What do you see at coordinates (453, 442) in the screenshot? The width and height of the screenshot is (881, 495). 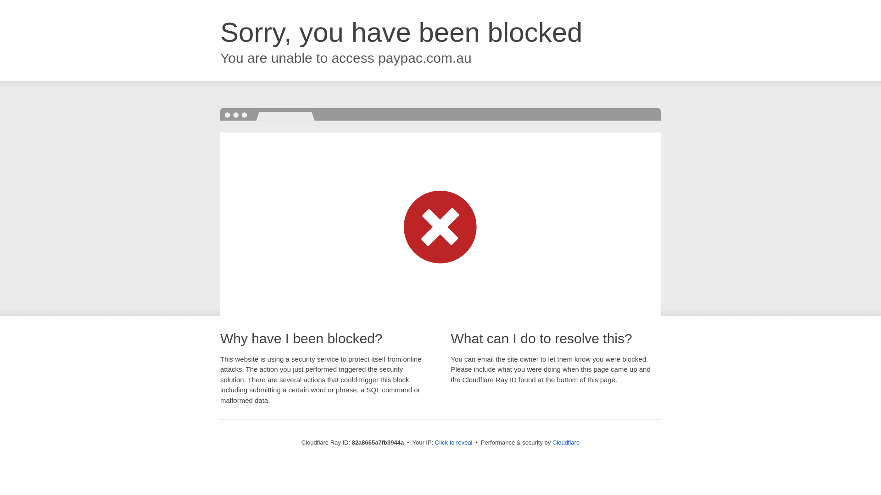 I see `'Click to reveal'` at bounding box center [453, 442].